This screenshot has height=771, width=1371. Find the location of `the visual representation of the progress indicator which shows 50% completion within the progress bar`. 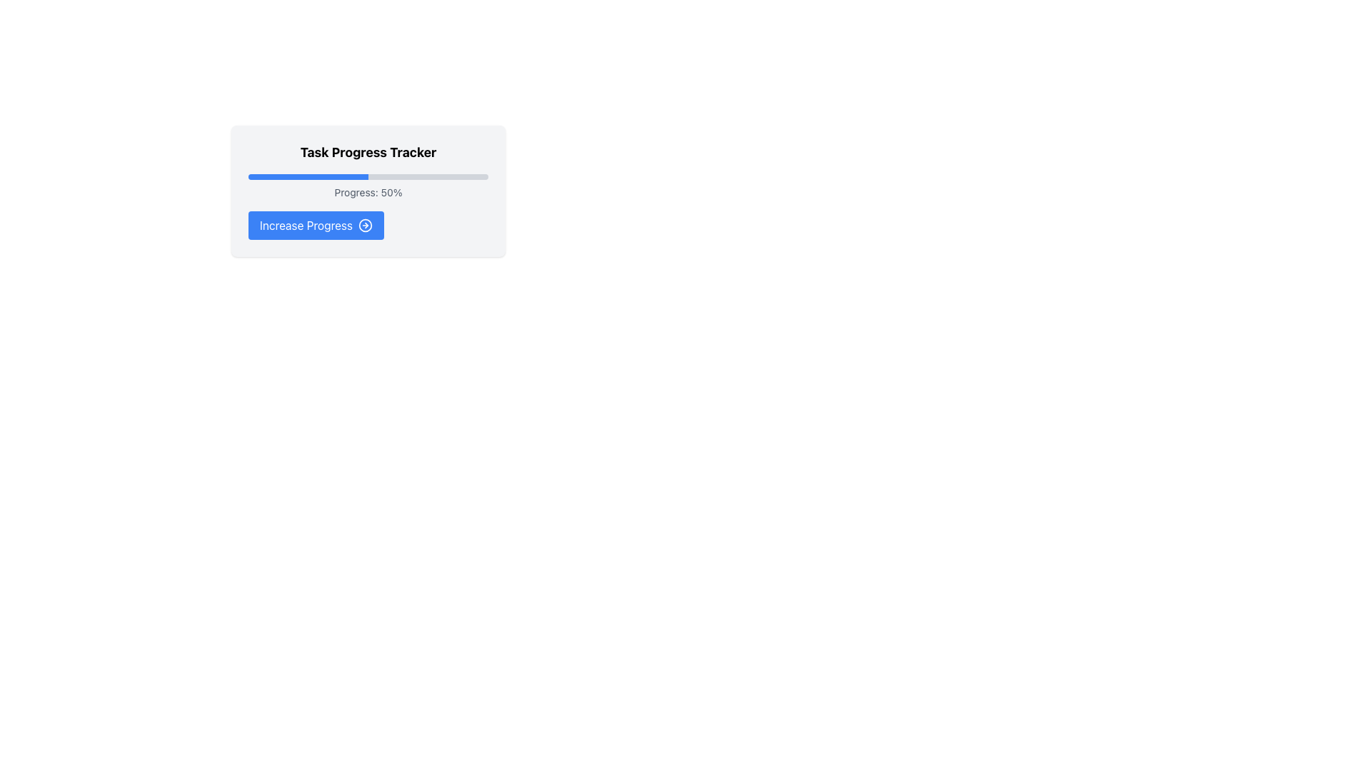

the visual representation of the progress indicator which shows 50% completion within the progress bar is located at coordinates (308, 176).